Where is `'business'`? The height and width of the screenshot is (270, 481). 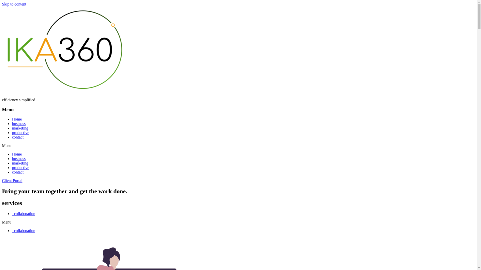 'business' is located at coordinates (19, 123).